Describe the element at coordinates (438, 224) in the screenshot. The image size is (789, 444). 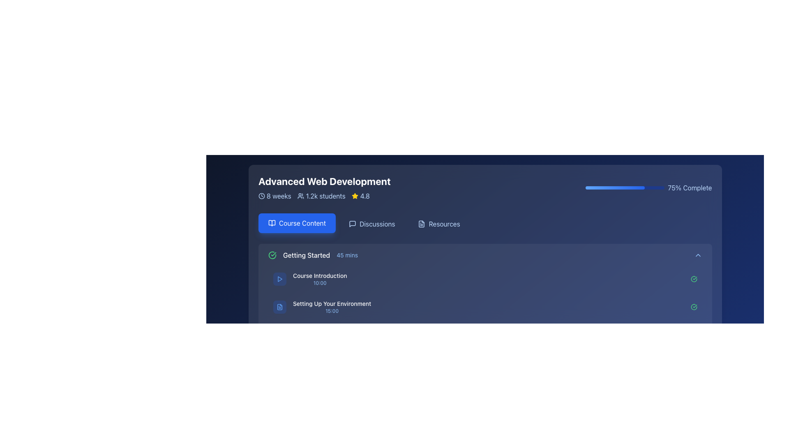
I see `the navigation button that provides access to supplementary materials, located as the third option in a horizontal row of buttons` at that location.